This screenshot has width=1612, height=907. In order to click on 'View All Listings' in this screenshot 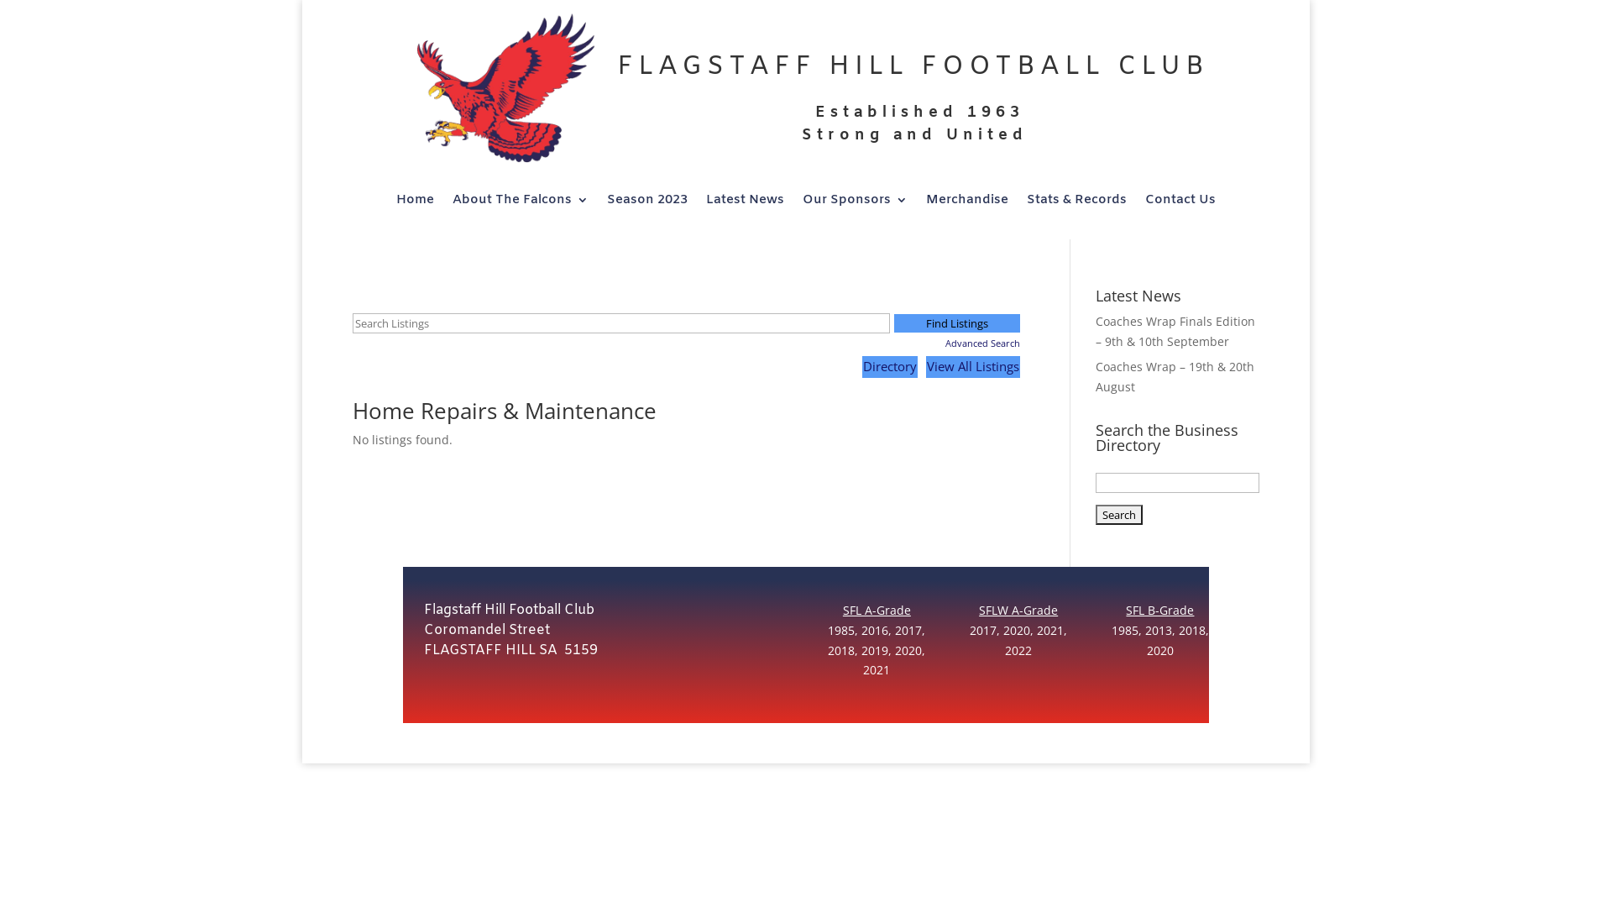, I will do `click(925, 365)`.